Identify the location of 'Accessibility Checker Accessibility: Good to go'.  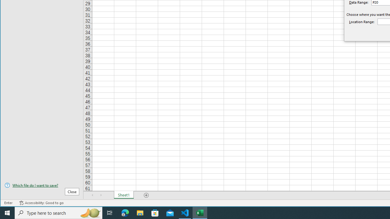
(41, 203).